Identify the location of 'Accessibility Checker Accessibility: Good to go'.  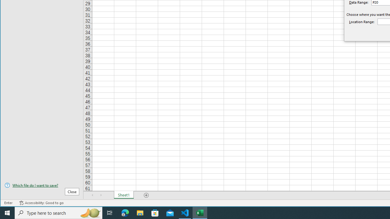
(41, 203).